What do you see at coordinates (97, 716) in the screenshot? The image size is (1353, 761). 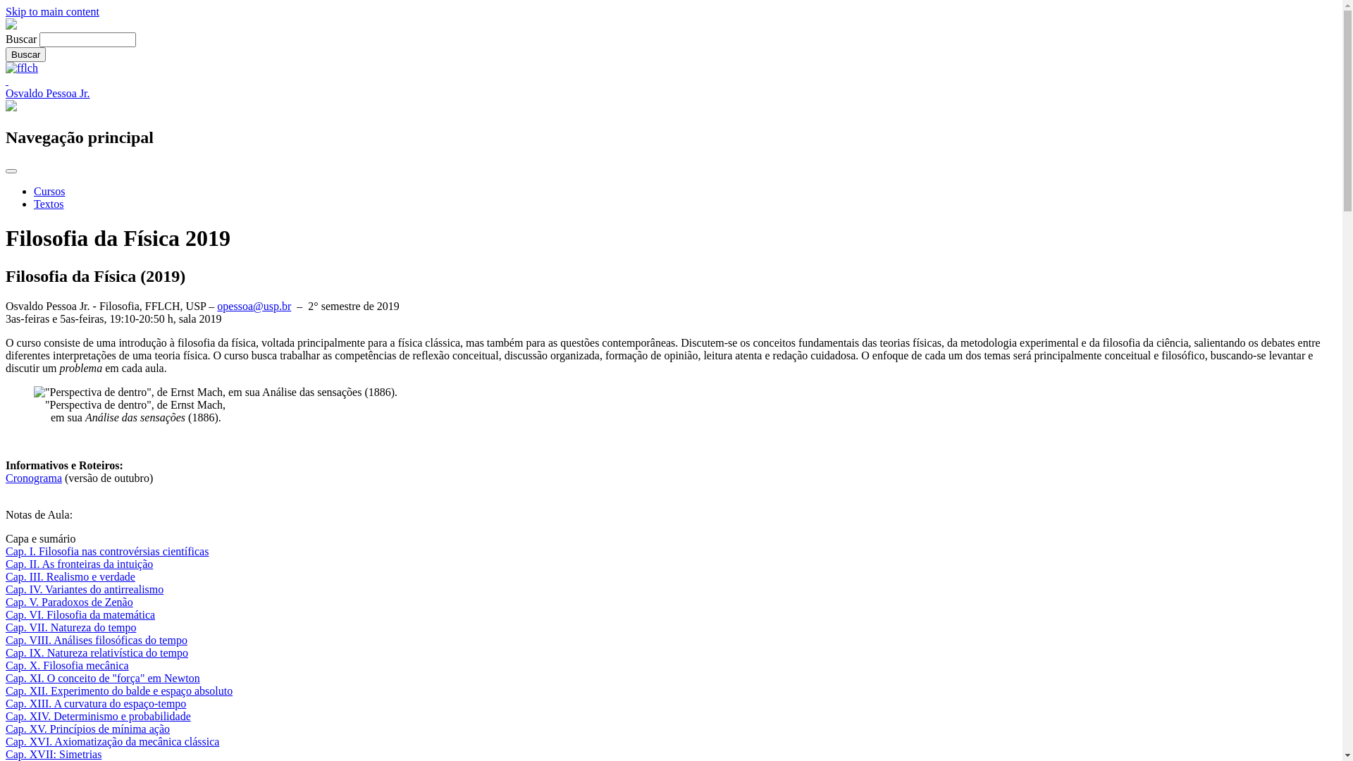 I see `'Cap. XIV. Determinismo e probabilidade'` at bounding box center [97, 716].